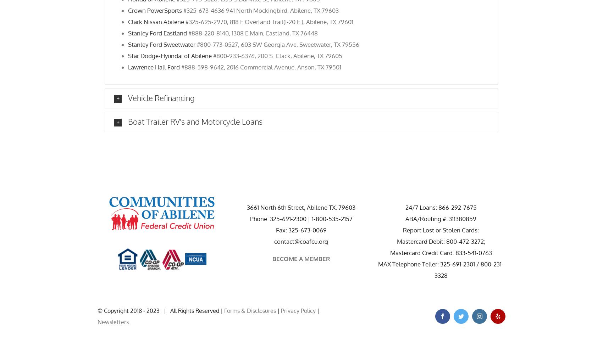 The width and height of the screenshot is (603, 338). I want to click on '2023   |   All Rights Reserved |', so click(185, 310).